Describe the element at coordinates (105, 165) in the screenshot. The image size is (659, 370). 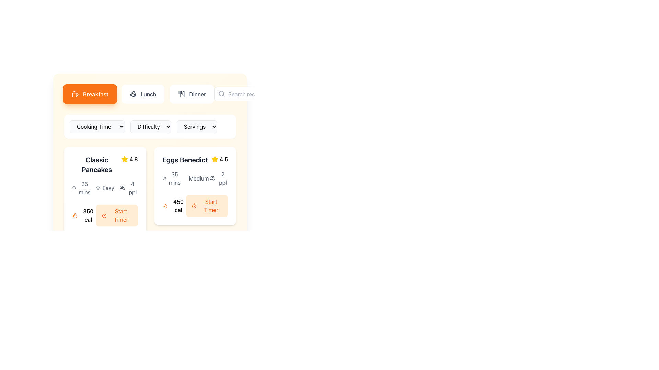
I see `the content of the recipe header displaying 'Classic Pancakes' and its associated rating, located at the top-left corner of the card-like component` at that location.